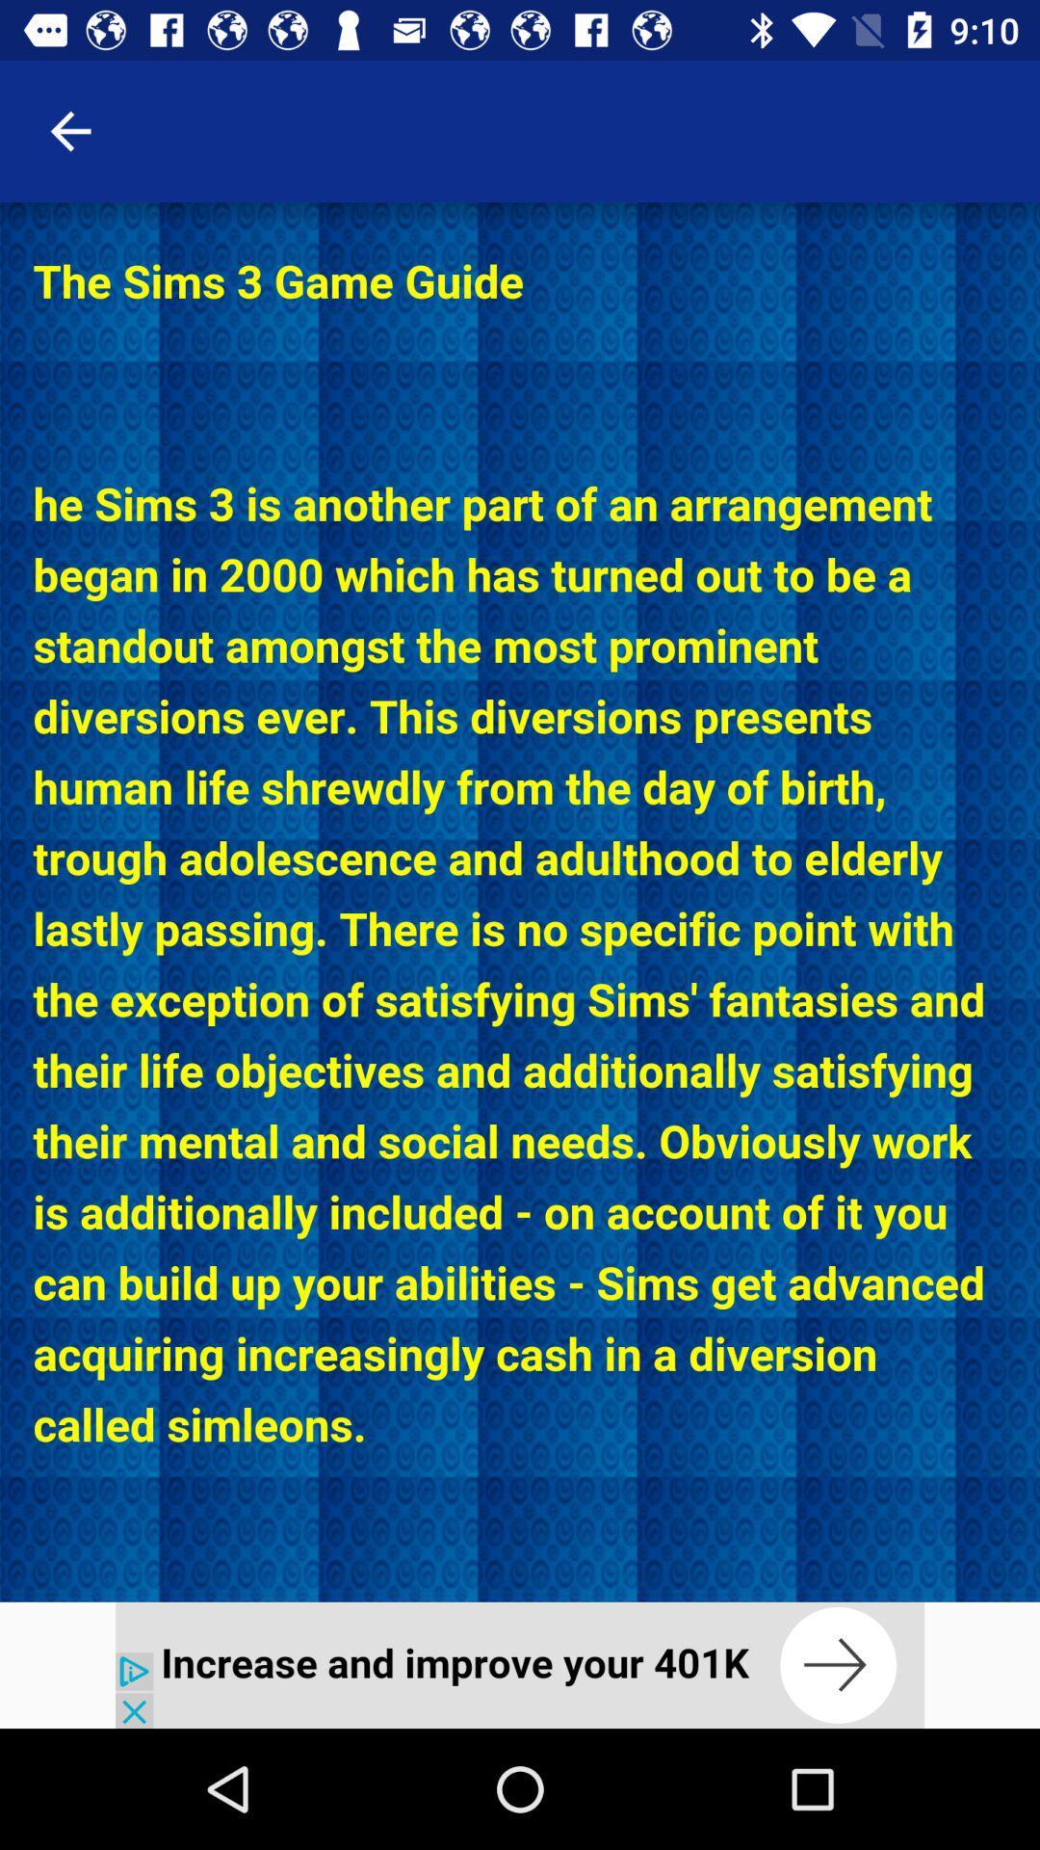 This screenshot has width=1040, height=1850. Describe the element at coordinates (520, 1664) in the screenshot. I see `interact with advertisement` at that location.